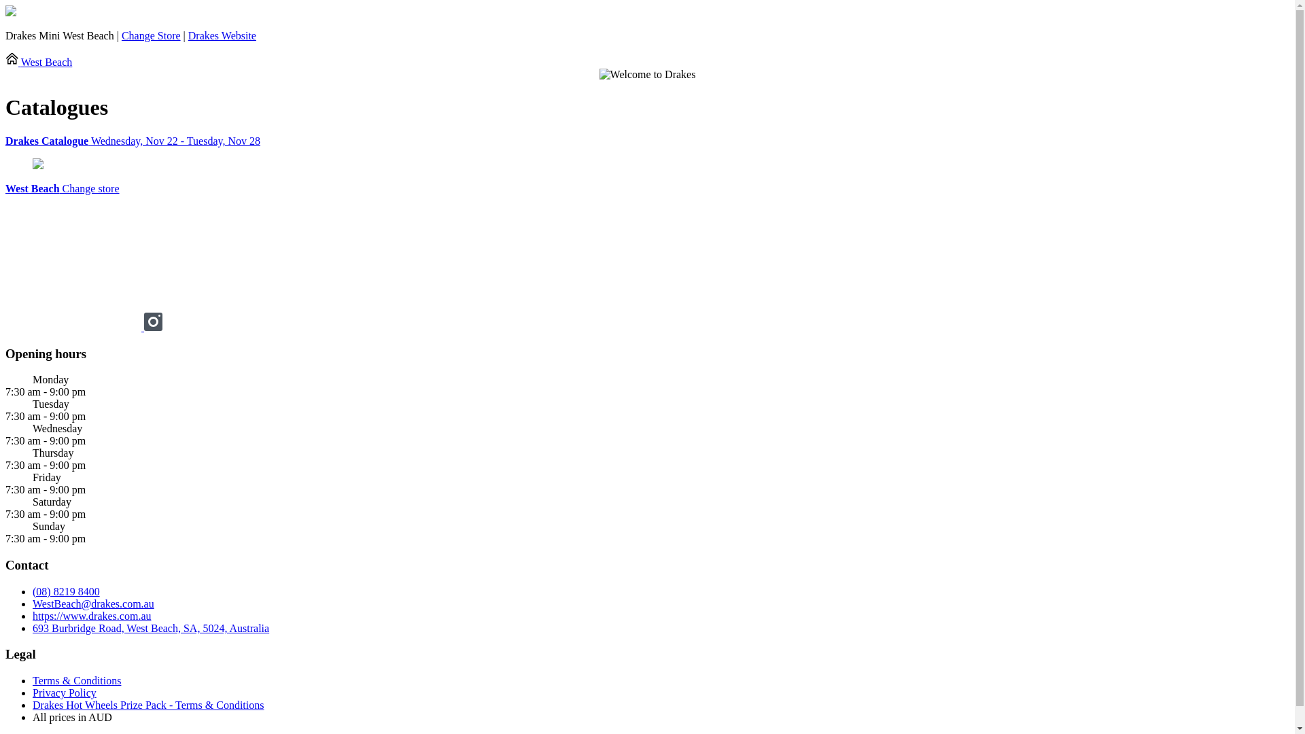  Describe the element at coordinates (61, 188) in the screenshot. I see `'West Beach Change store'` at that location.